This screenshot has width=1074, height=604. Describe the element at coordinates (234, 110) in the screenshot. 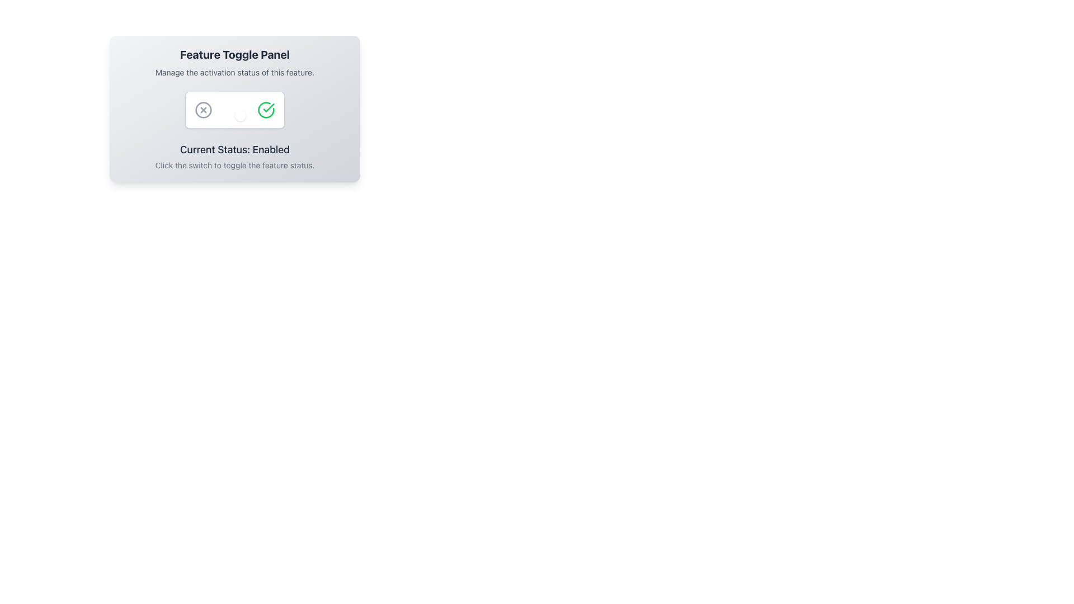

I see `the interactive toggle switch within the Feature Toggle Panel to change its state` at that location.